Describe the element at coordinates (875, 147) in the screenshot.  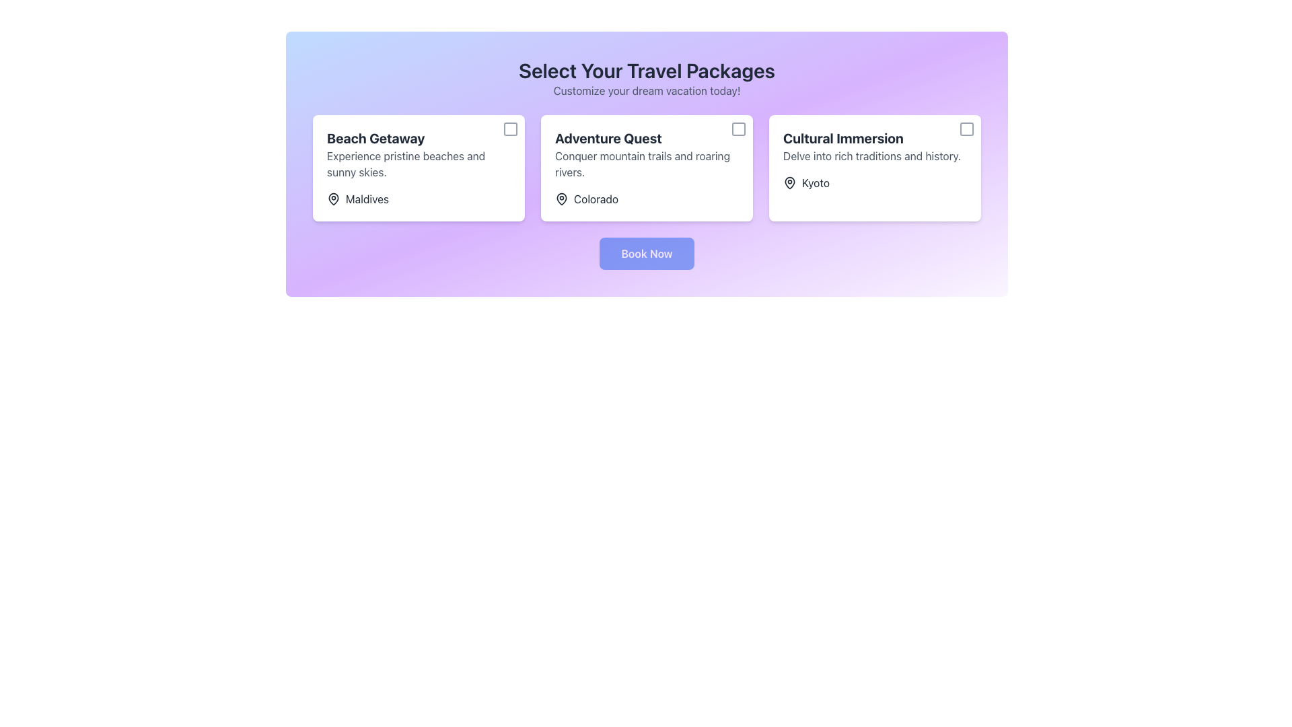
I see `the card containing the text about the travel package titled 'Cultural Immersion' located in the top right box of the grid arrangement` at that location.